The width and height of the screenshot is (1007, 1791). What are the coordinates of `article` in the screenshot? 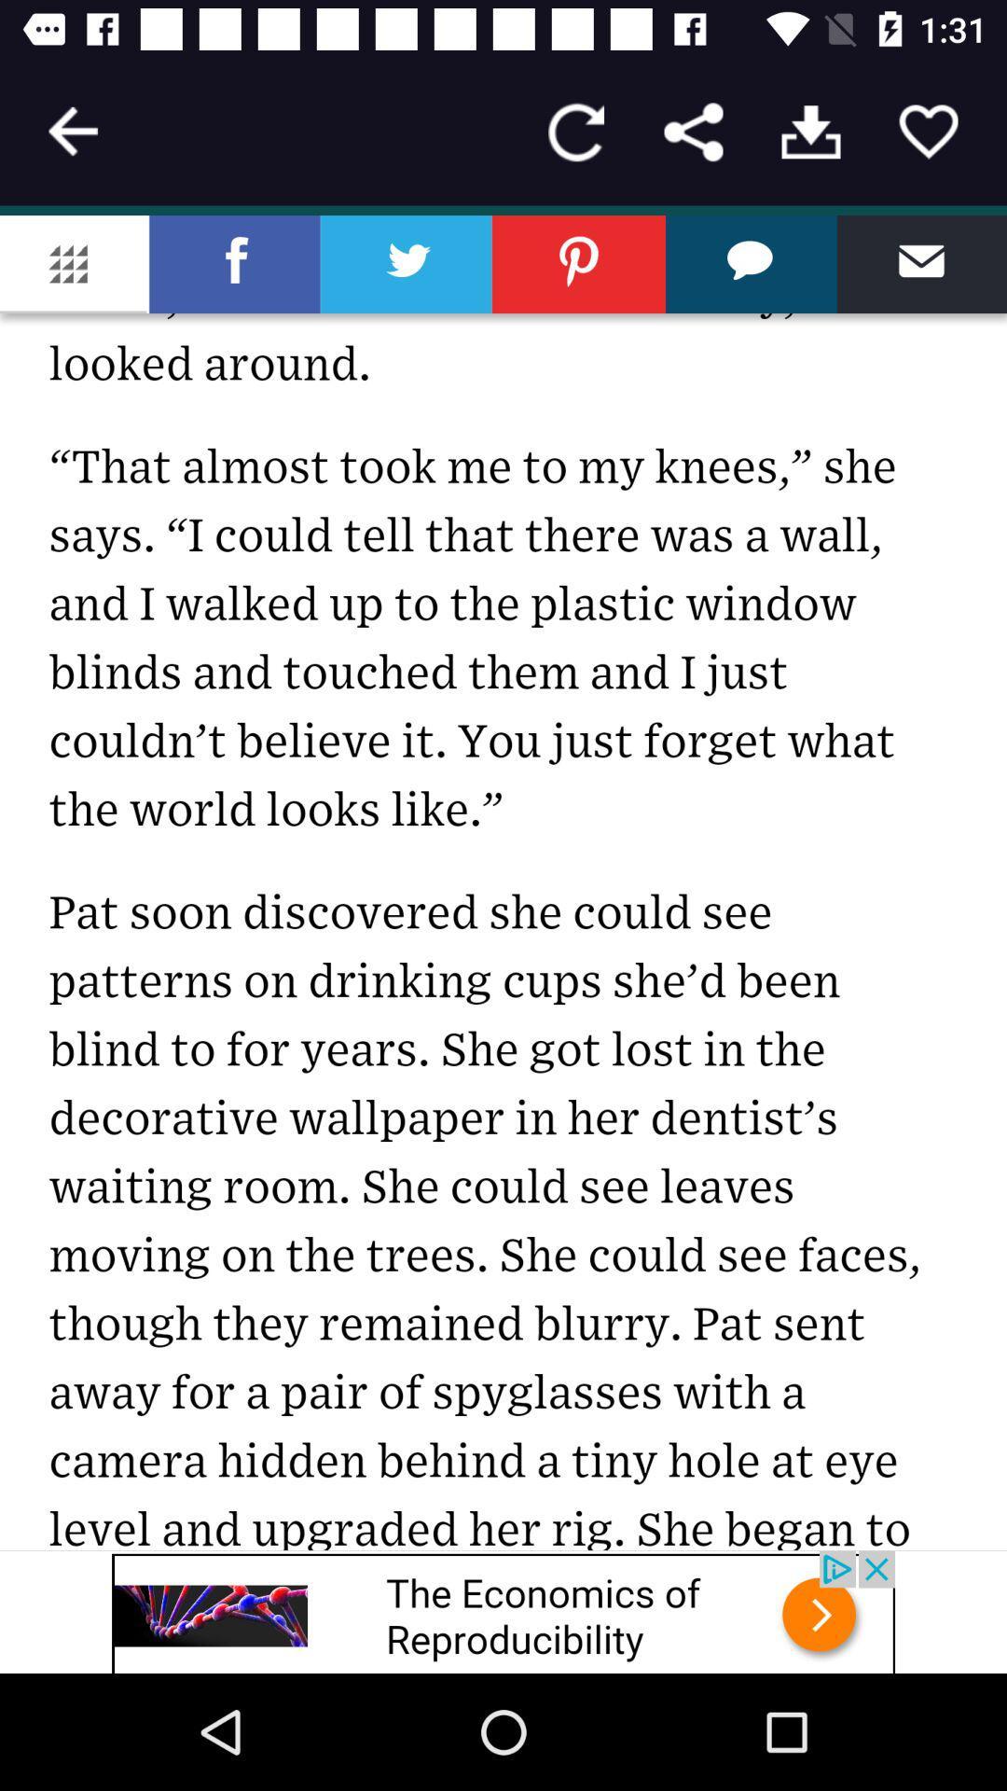 It's located at (928, 131).